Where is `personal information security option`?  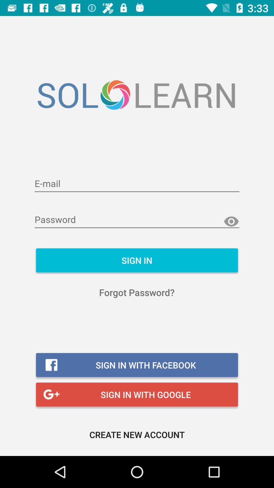
personal information security option is located at coordinates (137, 184).